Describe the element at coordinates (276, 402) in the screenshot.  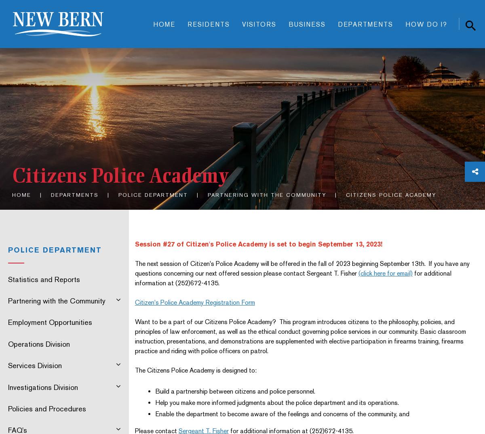
I see `'Help you make more informed judgments about the police department and its operations.'` at that location.